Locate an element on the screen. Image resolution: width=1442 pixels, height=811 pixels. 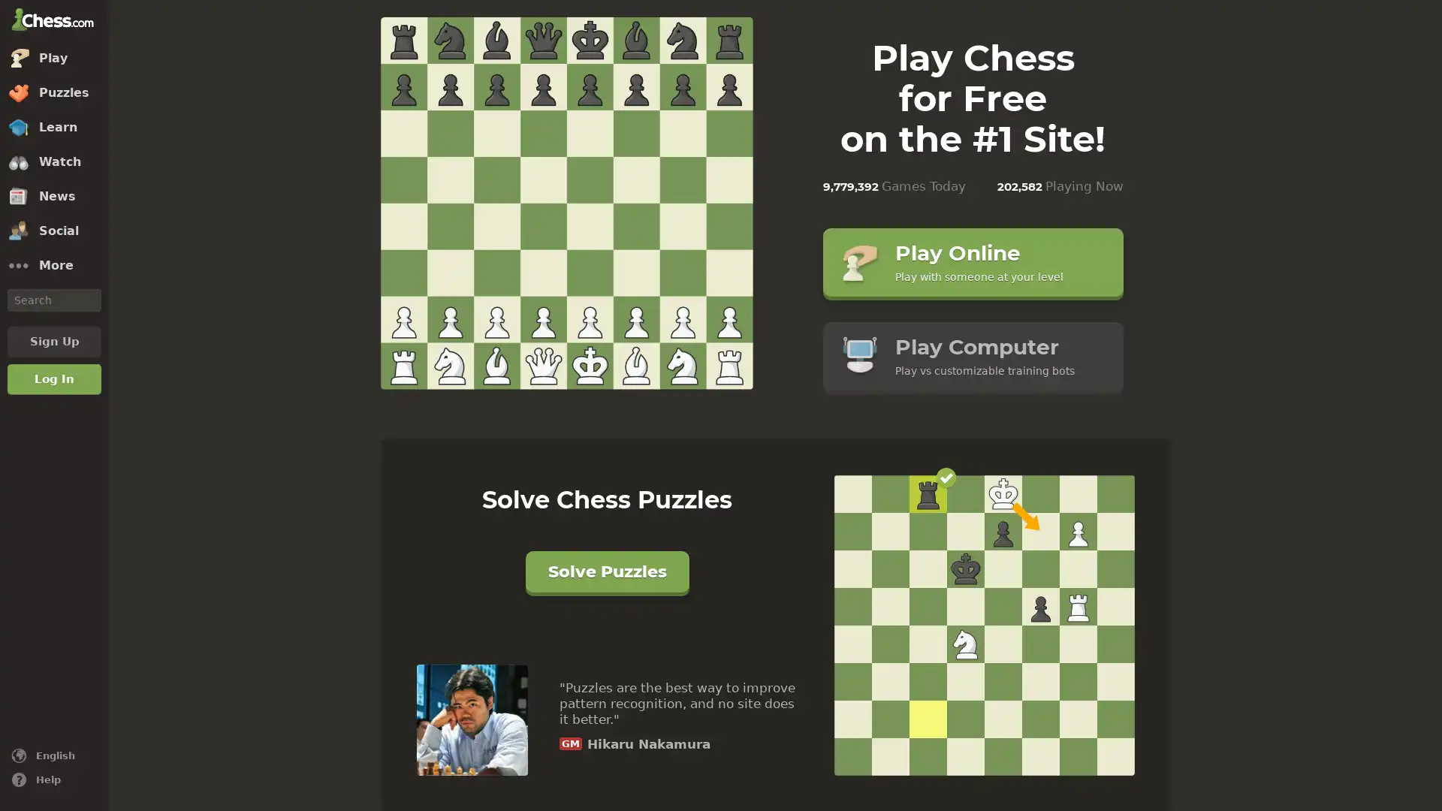
Play Online Play with someone at your level is located at coordinates (973, 261).